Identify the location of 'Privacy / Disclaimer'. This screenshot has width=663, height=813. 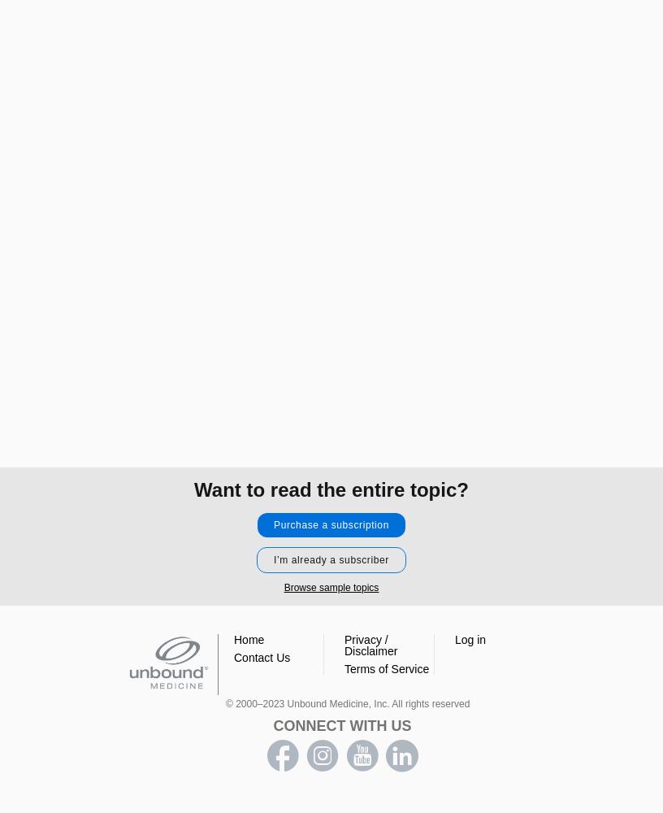
(343, 646).